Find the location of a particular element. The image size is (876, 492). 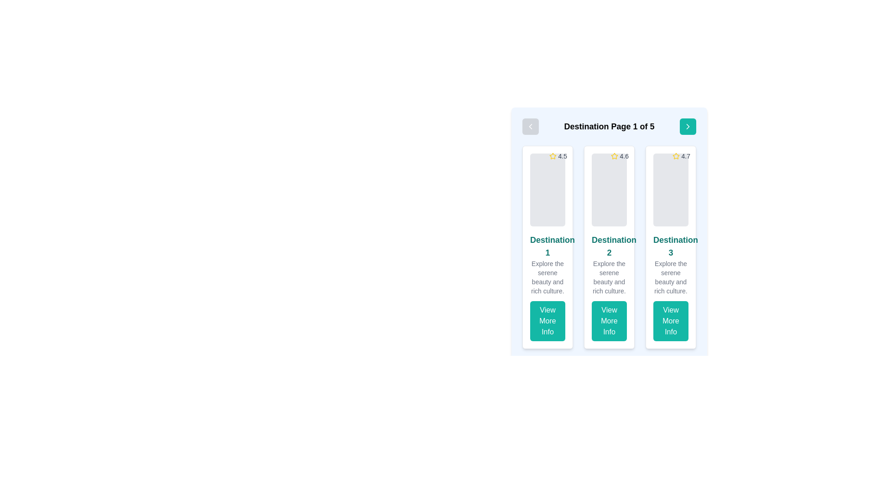

the Rating display icon with text for 'Destination 1', located in the upper-right corner of the card is located at coordinates (558, 156).